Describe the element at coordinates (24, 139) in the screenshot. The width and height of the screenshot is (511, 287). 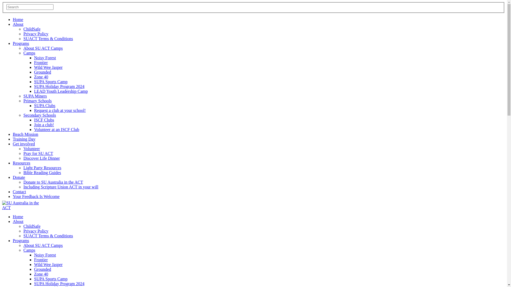
I see `'Training Day'` at that location.